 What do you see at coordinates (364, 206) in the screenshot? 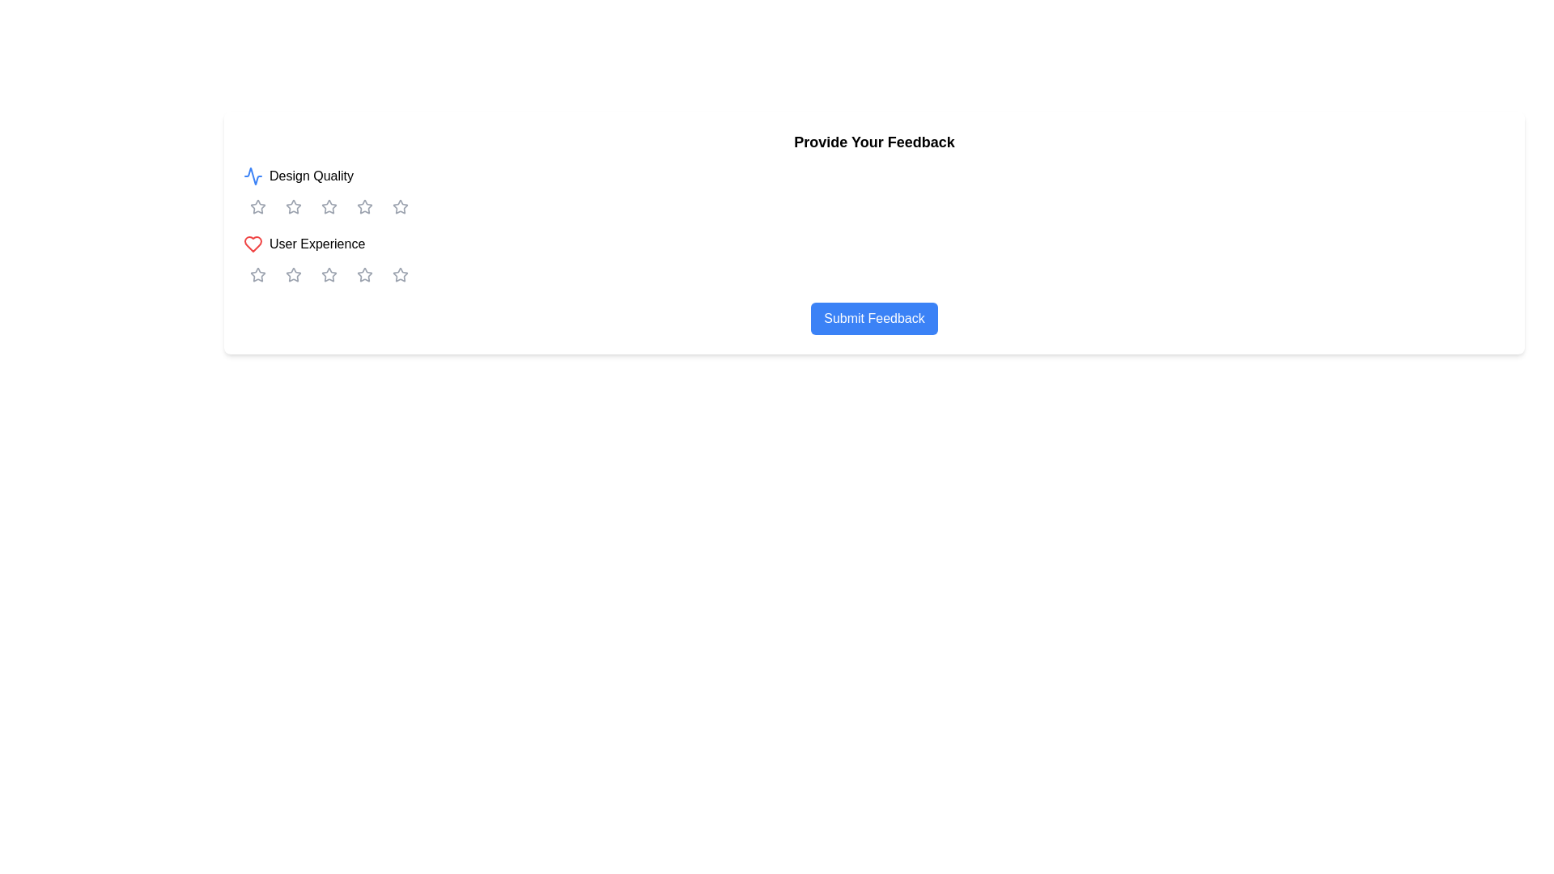
I see `the fourth star in the rating system for 'Design Quality' to assign a rating of 4 out of 5` at bounding box center [364, 206].